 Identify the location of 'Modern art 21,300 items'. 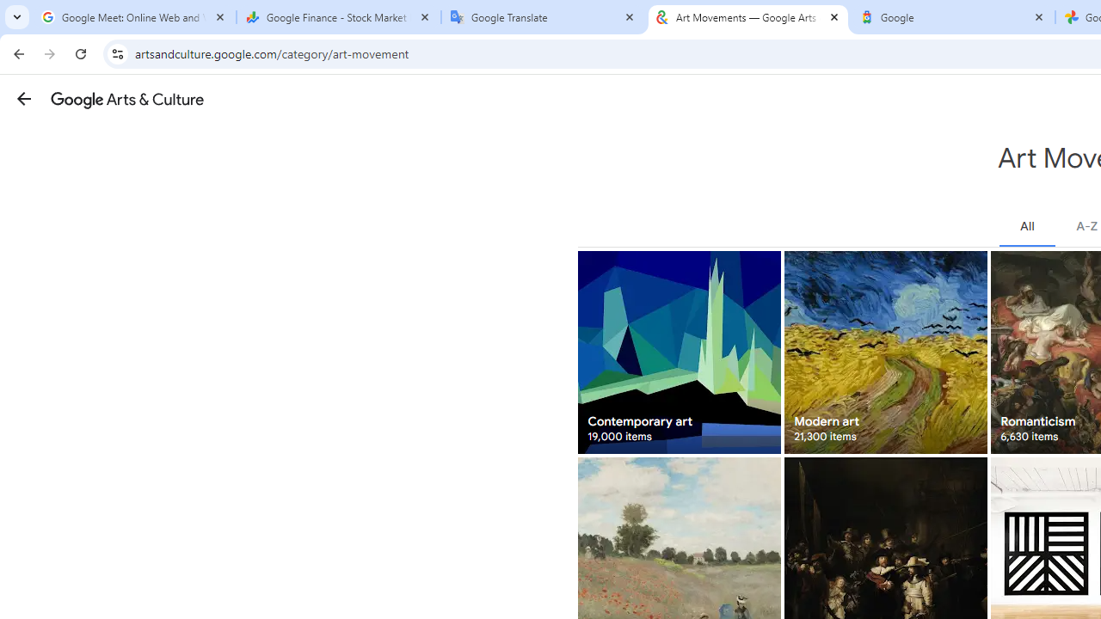
(885, 352).